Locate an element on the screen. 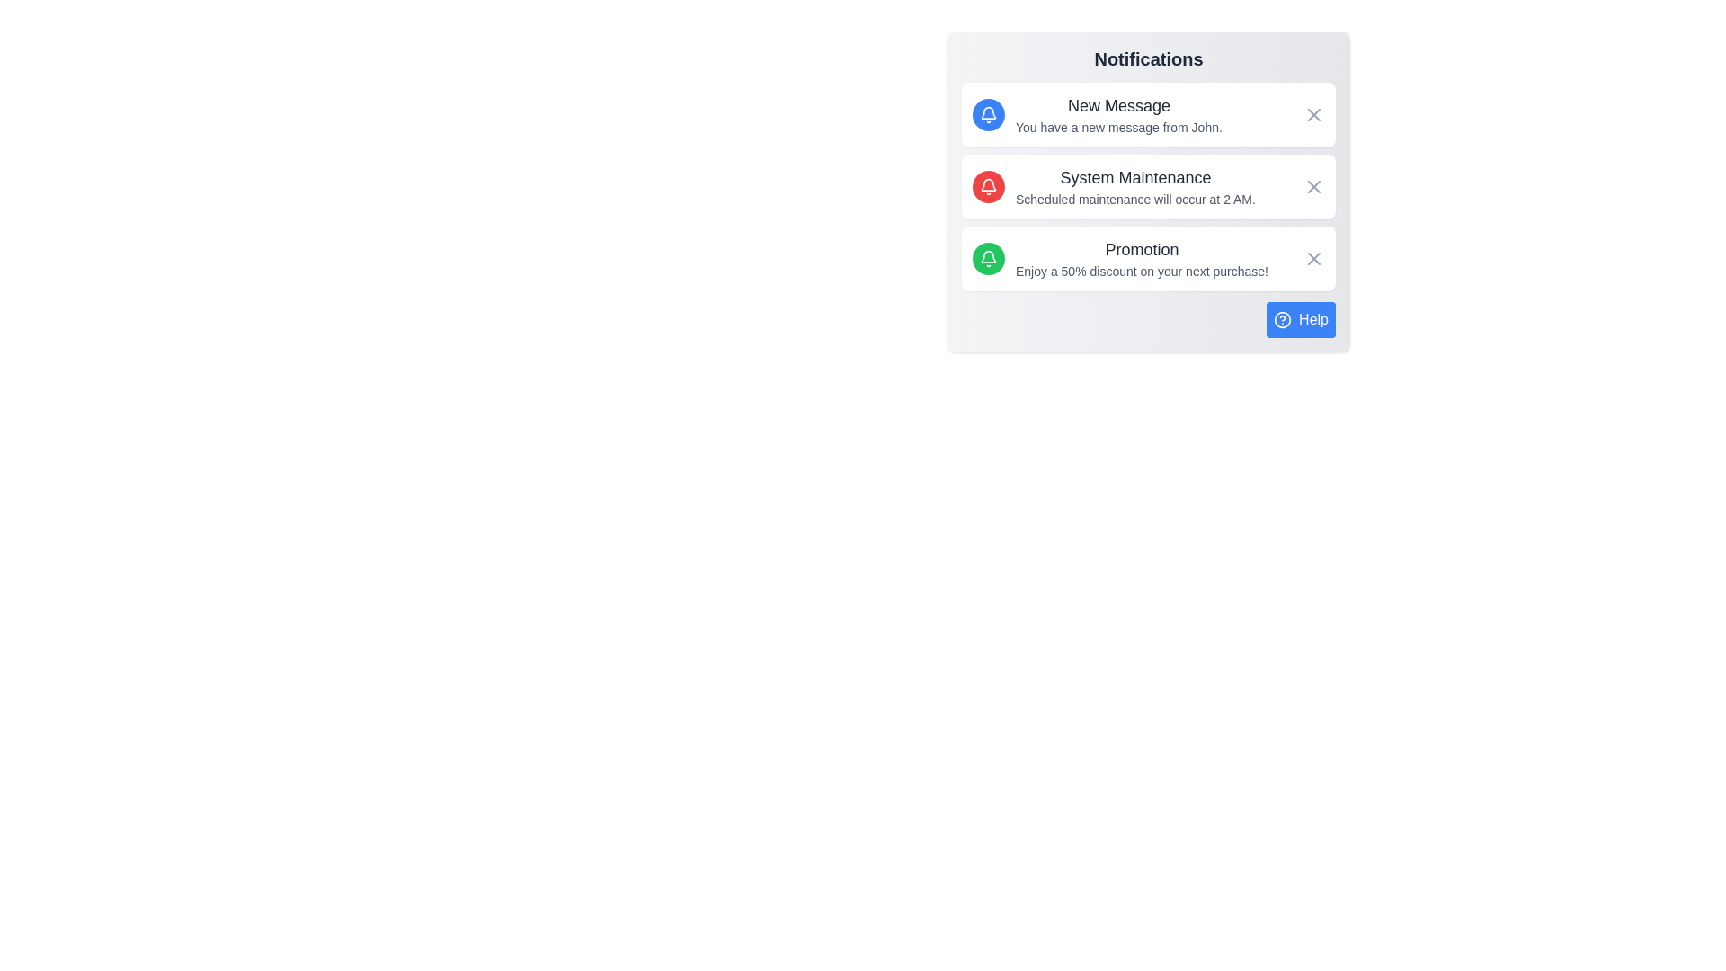  the first notification item titled 'New Message' with a bell icon is located at coordinates (1095, 114).